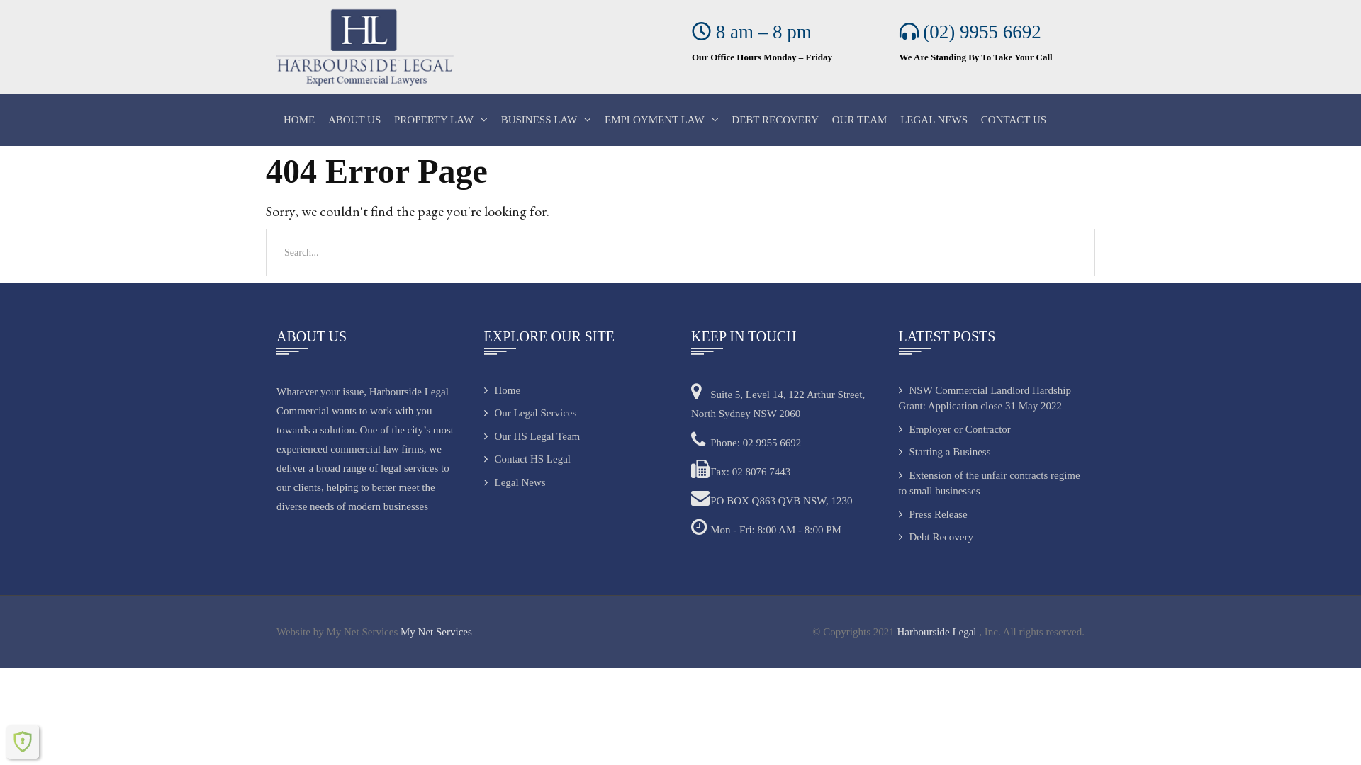 Image resolution: width=1361 pixels, height=765 pixels. I want to click on 'Extension of the unfair contracts regime to small businesses', so click(989, 482).